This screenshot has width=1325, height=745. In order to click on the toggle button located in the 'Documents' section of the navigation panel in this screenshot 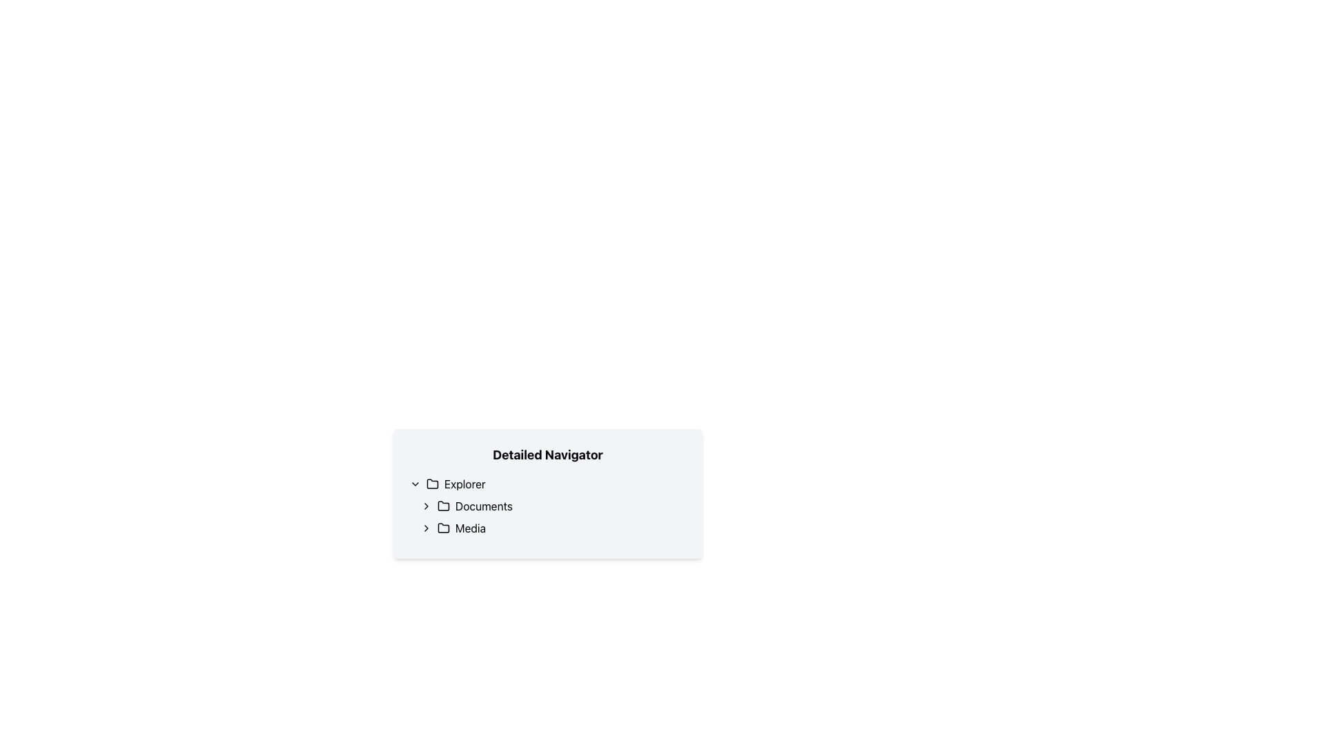, I will do `click(426, 506)`.